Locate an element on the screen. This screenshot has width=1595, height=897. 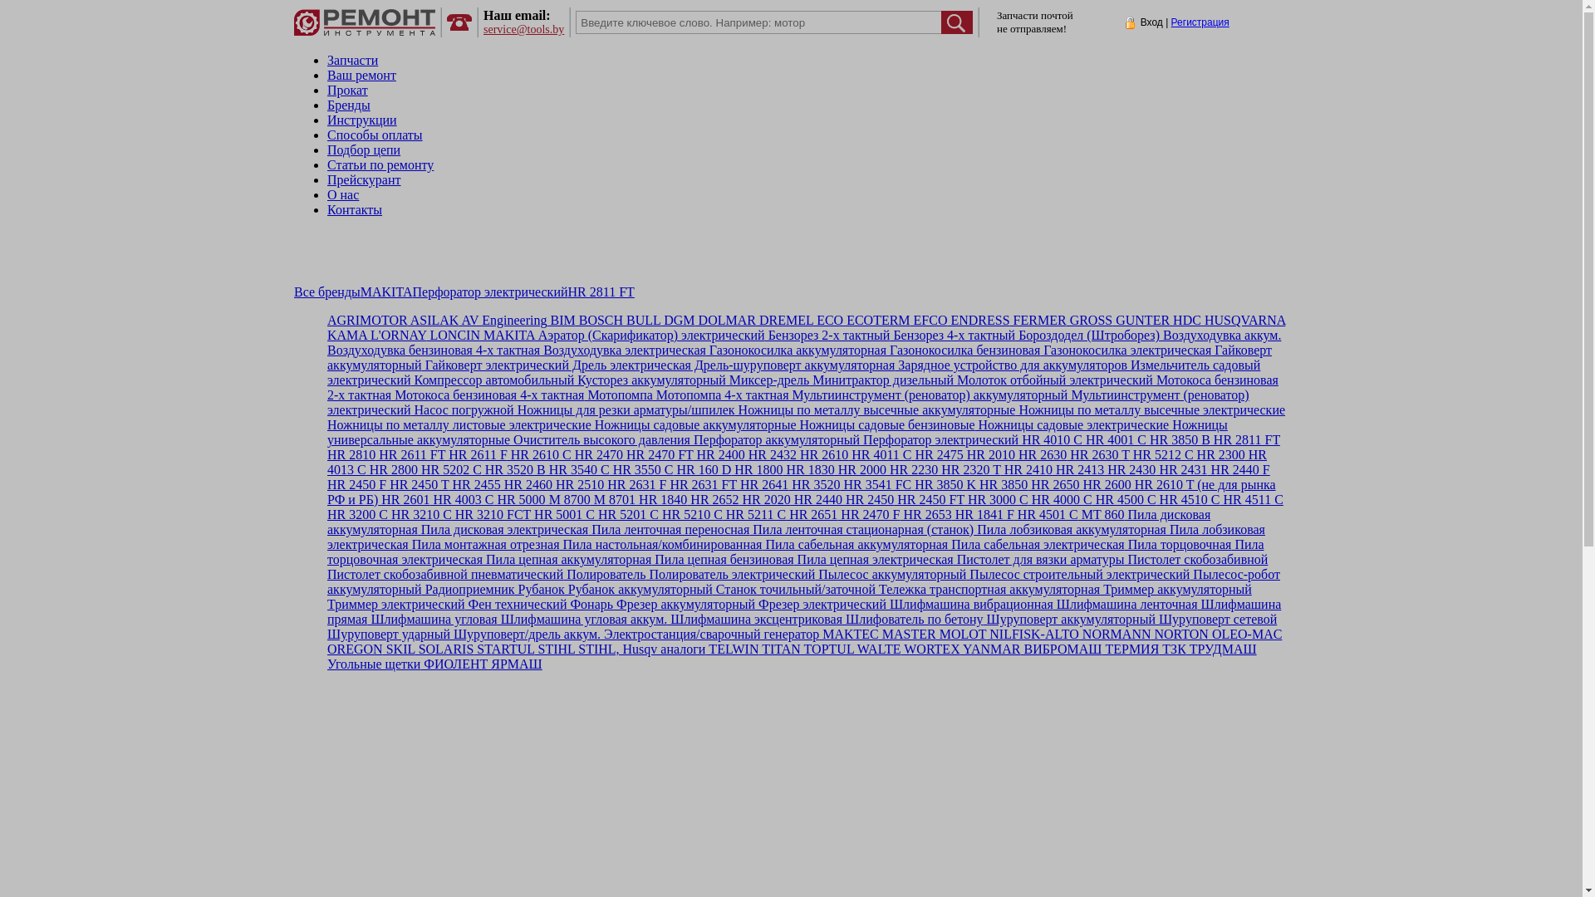
'TELWIN' is located at coordinates (731, 648).